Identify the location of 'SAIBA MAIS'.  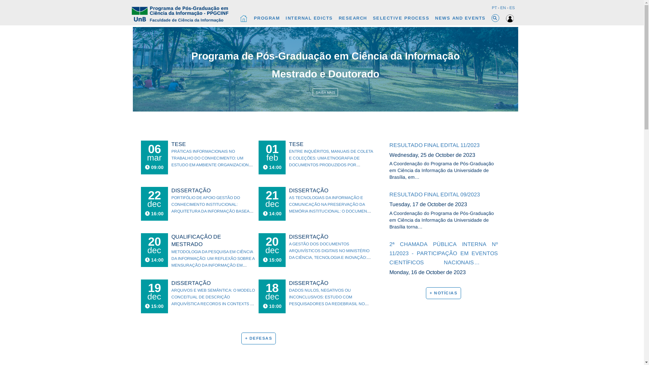
(325, 92).